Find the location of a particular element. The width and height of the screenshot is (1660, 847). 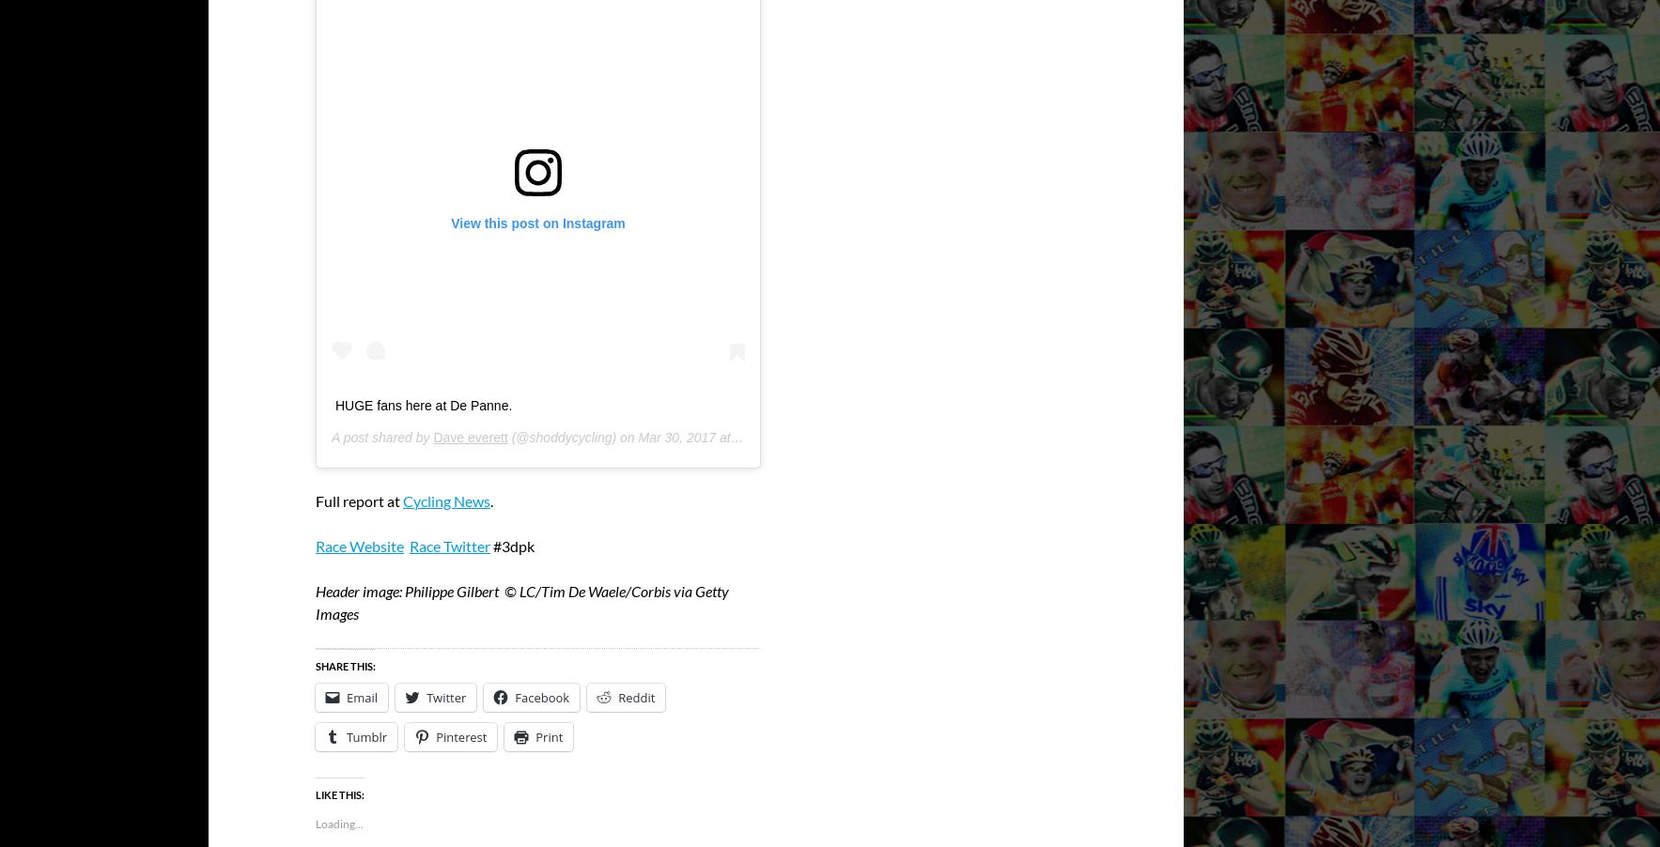

'Header image: Philippe Gilbert  © LC/Tim De Waele/Corbis via Getty Images' is located at coordinates (316, 601).